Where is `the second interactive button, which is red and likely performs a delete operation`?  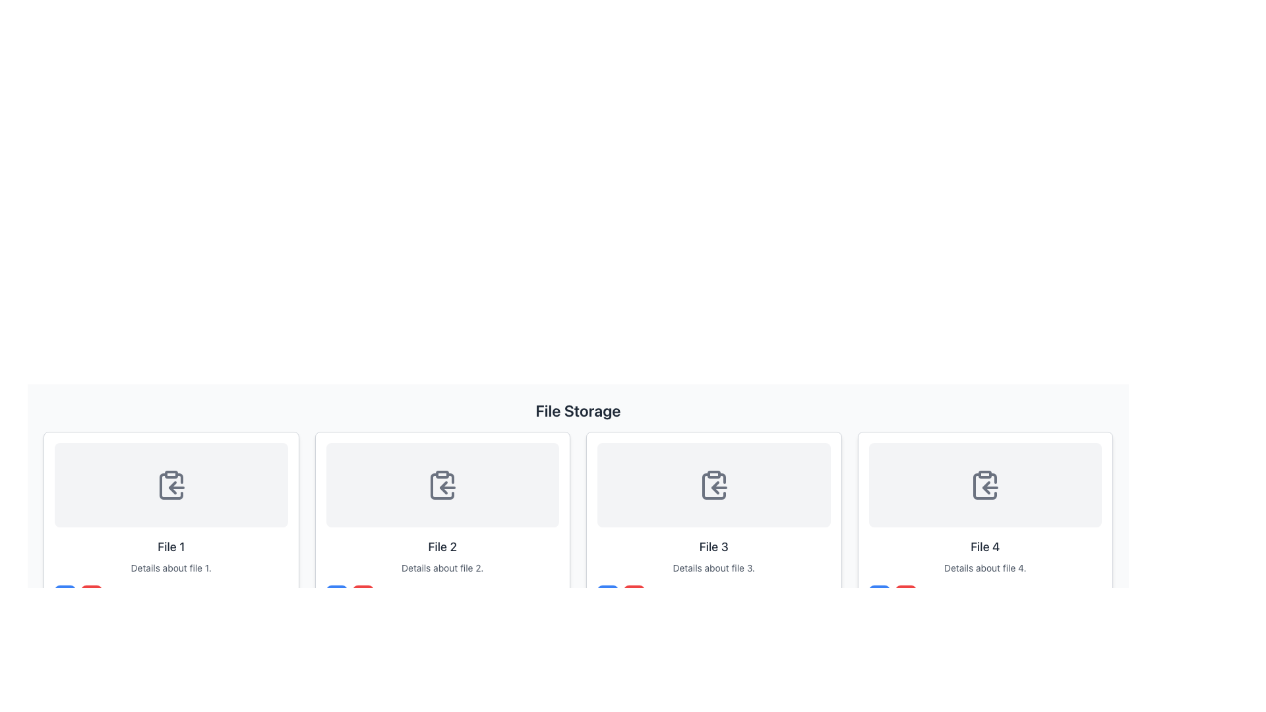
the second interactive button, which is red and likely performs a delete operation is located at coordinates (91, 595).